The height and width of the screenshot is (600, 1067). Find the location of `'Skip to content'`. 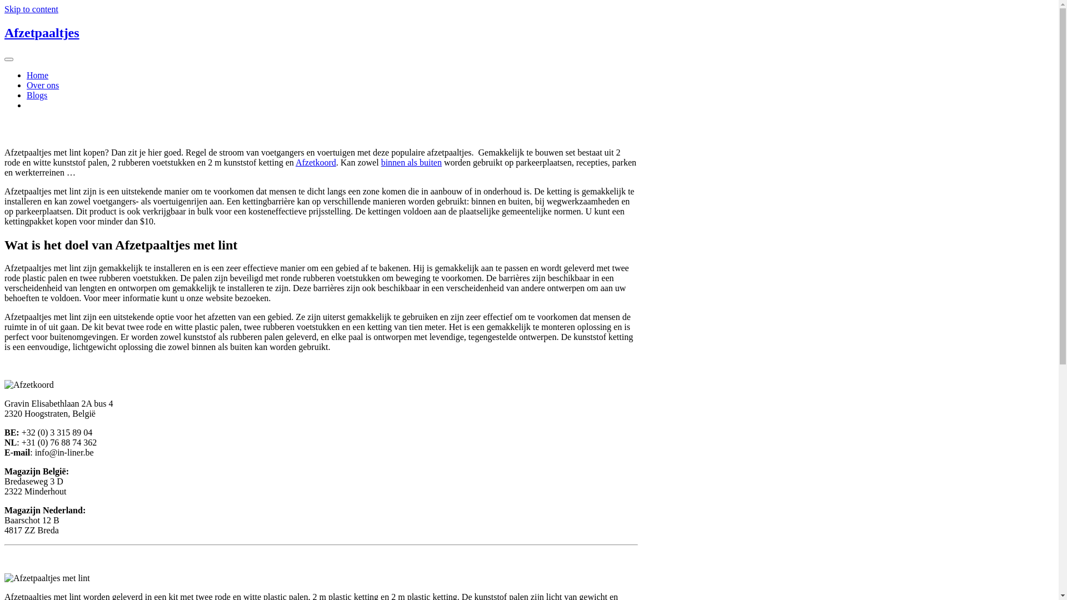

'Skip to content' is located at coordinates (31, 9).